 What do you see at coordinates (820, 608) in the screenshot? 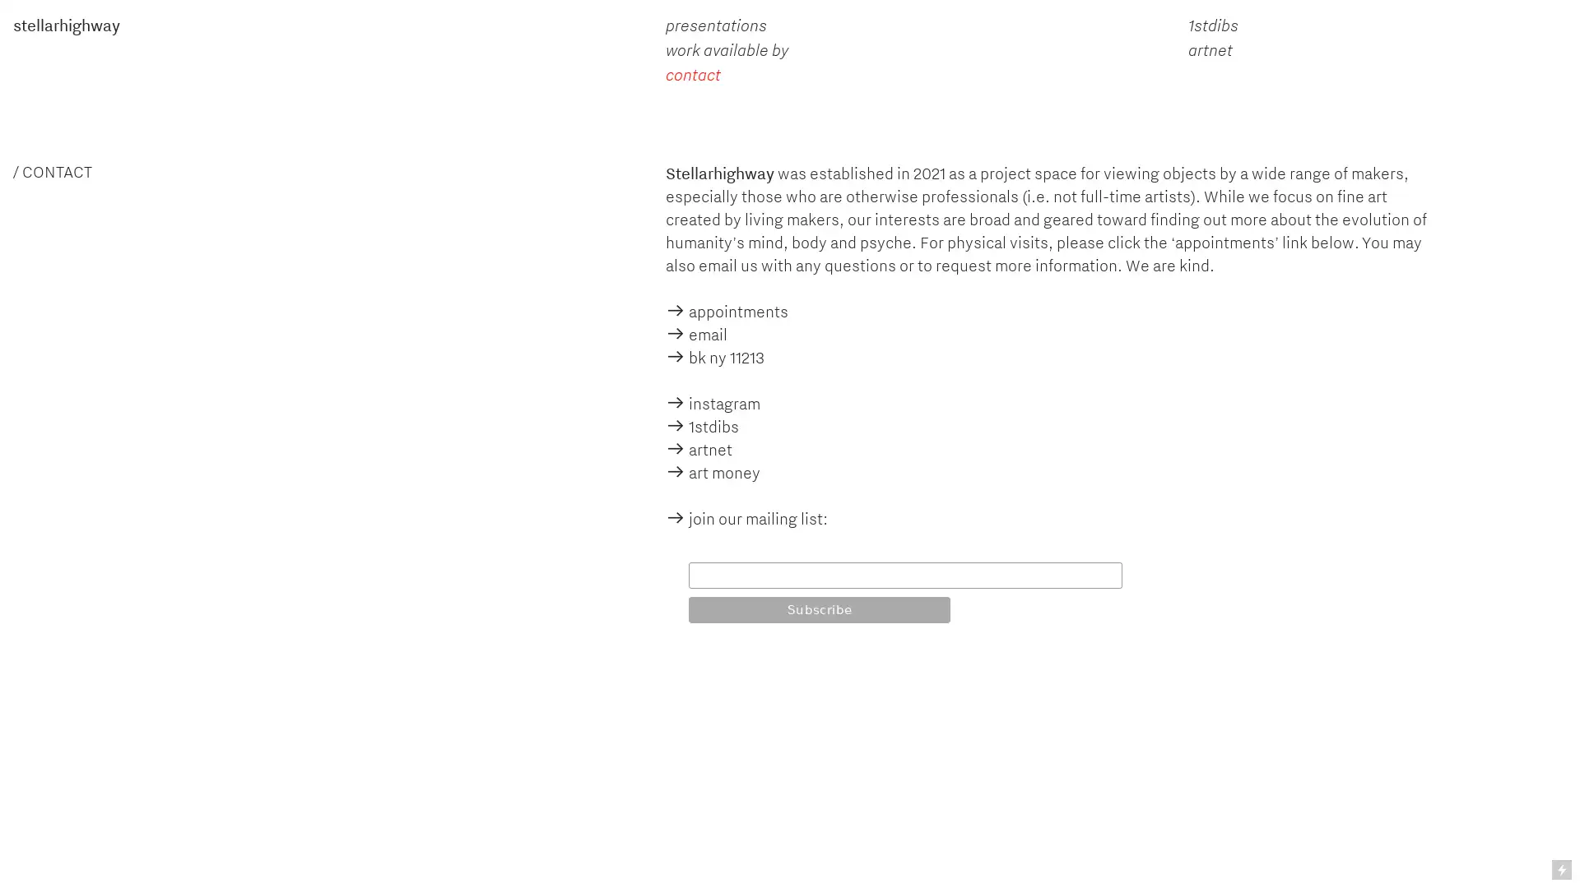
I see `Subscribe` at bounding box center [820, 608].